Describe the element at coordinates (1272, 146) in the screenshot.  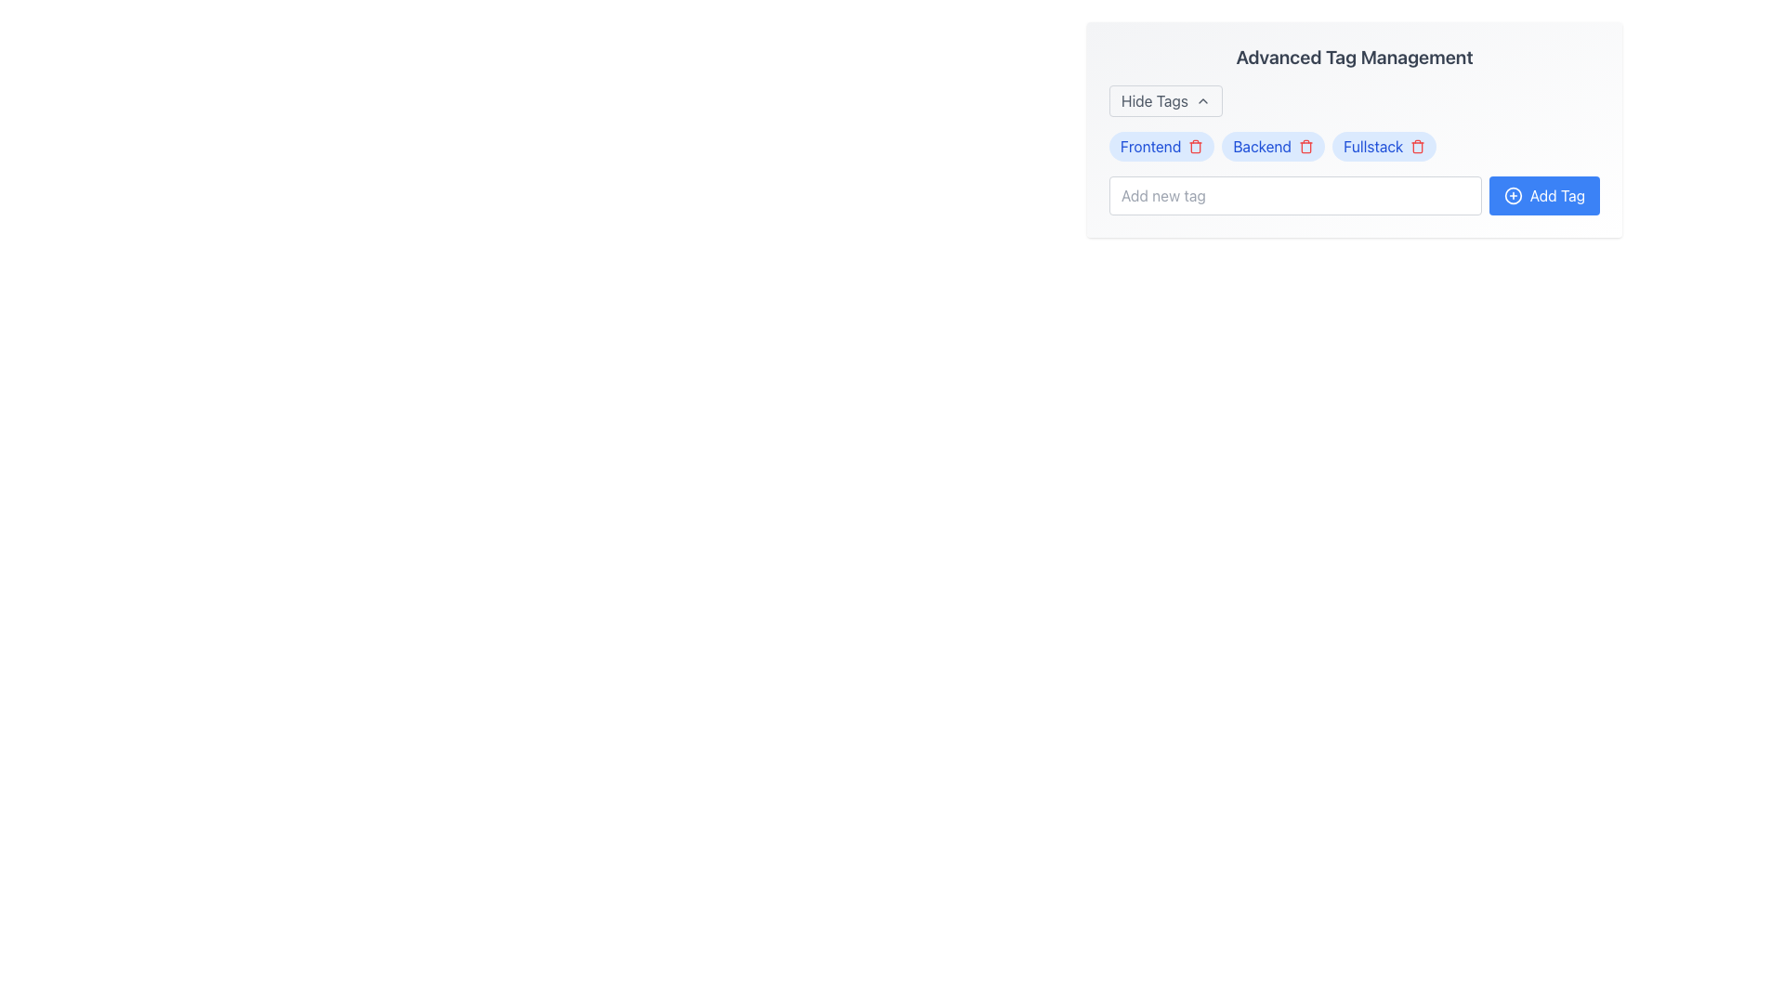
I see `the pill-shaped tag with the light blue background and dark blue text reading 'Backend'` at that location.